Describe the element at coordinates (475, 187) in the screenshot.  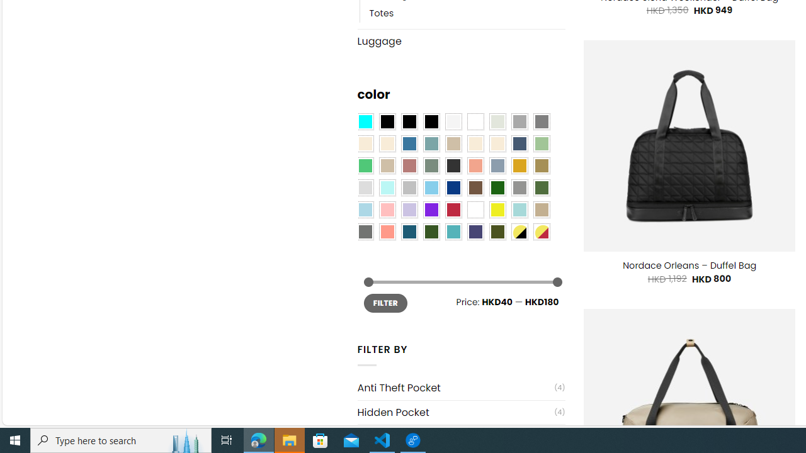
I see `'Brown'` at that location.